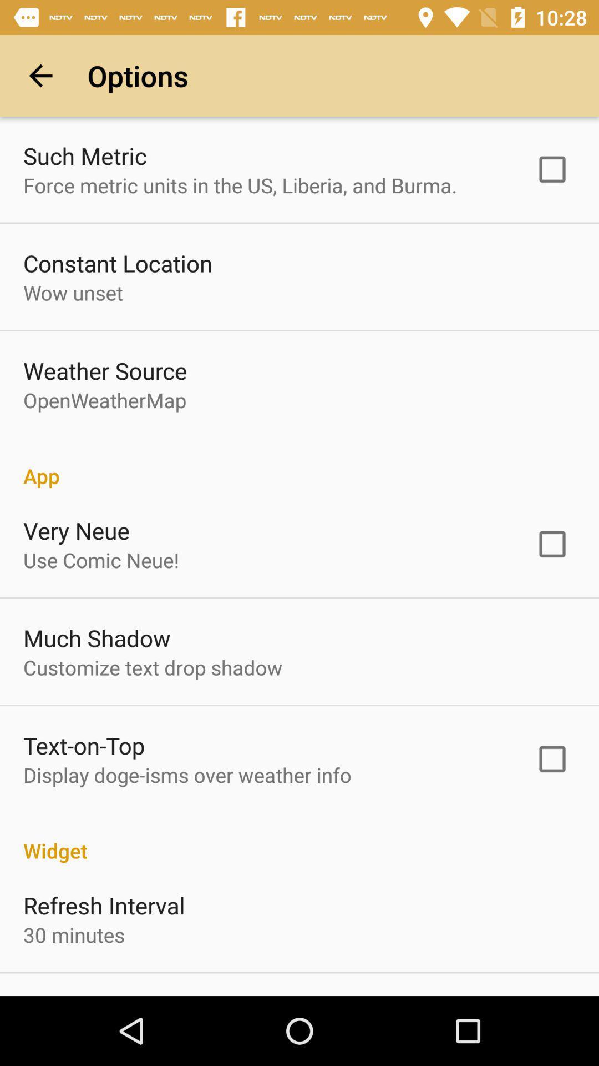  I want to click on app next to options app, so click(40, 75).